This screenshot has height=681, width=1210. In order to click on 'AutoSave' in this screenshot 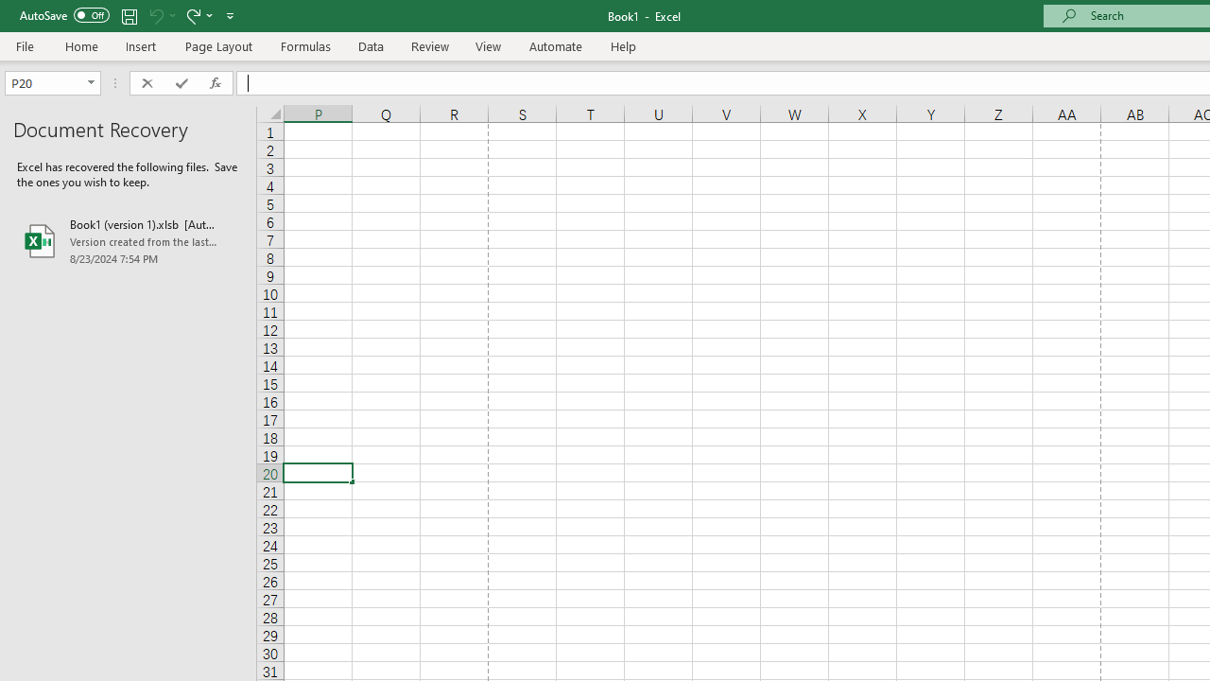, I will do `click(64, 15)`.